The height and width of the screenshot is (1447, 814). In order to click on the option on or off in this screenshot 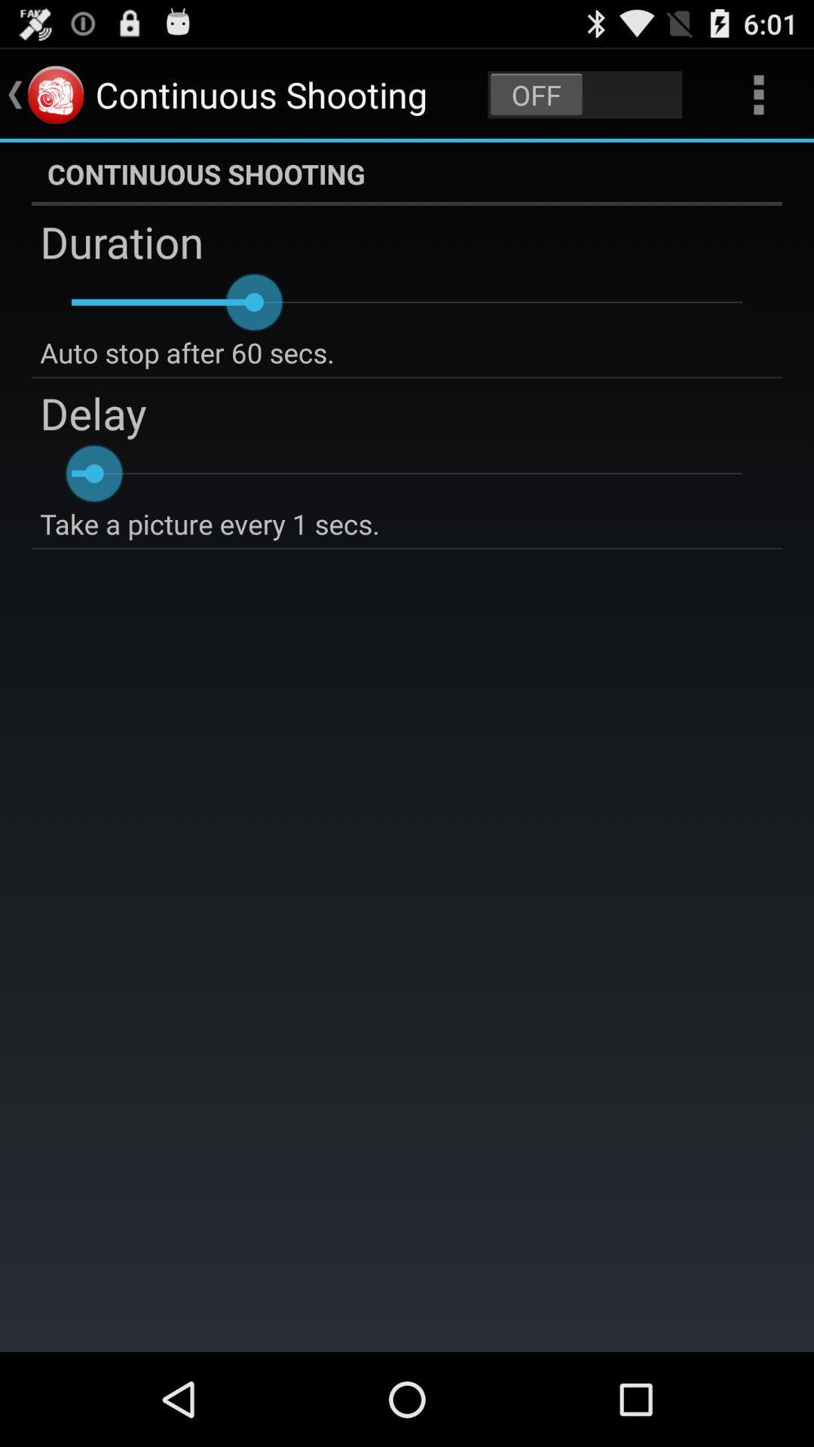, I will do `click(584, 93)`.